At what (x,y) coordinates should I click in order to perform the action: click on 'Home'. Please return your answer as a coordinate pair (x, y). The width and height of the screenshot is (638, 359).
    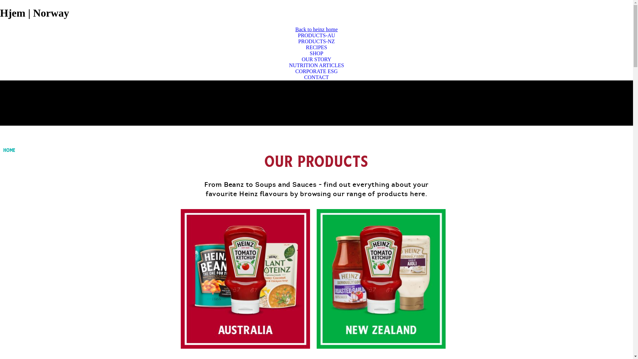
    Looking at the image, I should click on (3, 150).